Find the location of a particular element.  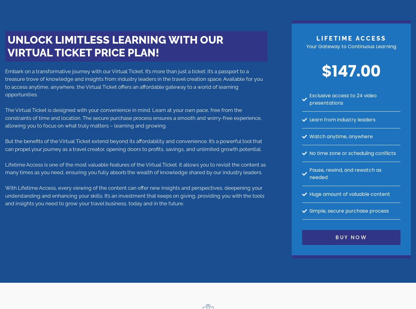

'The Virtual Ticket is designed with your convenience in mind. Learn at your own pace, free from the constraints of time and location. The secure purchase process ensures a smooth and worry-free experience, allowing you to focus on what truly matters – learning and growing.' is located at coordinates (133, 118).